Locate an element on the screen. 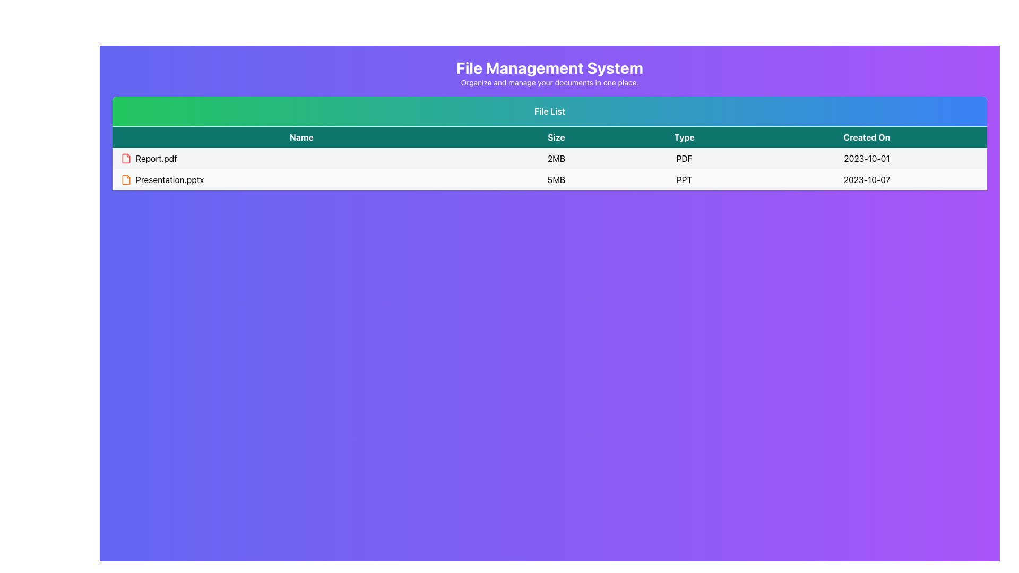 This screenshot has height=573, width=1019. the non-interactive informational label displaying the file size '2MB' located in the 'Size' column of the first row in the table, next to 'Report.pdf' is located at coordinates (556, 159).